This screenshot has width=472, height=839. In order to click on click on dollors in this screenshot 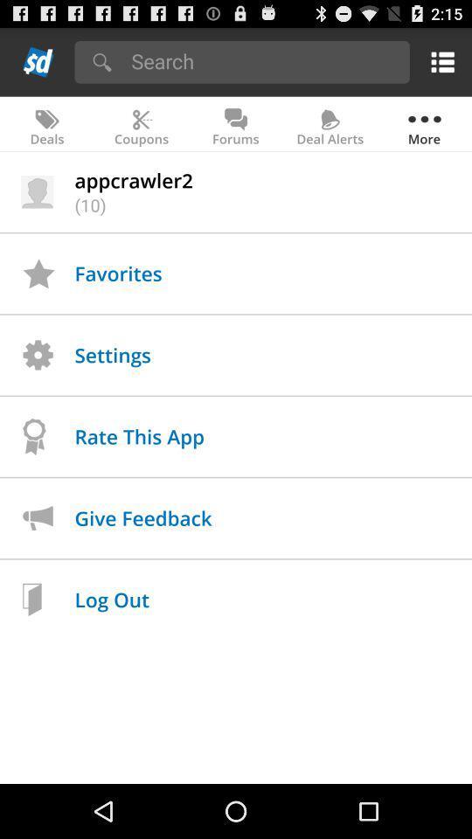, I will do `click(38, 61)`.